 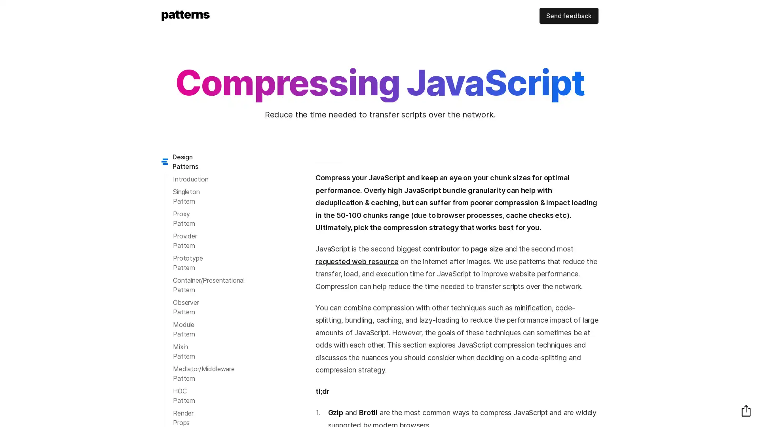 What do you see at coordinates (746, 410) in the screenshot?
I see `Share` at bounding box center [746, 410].